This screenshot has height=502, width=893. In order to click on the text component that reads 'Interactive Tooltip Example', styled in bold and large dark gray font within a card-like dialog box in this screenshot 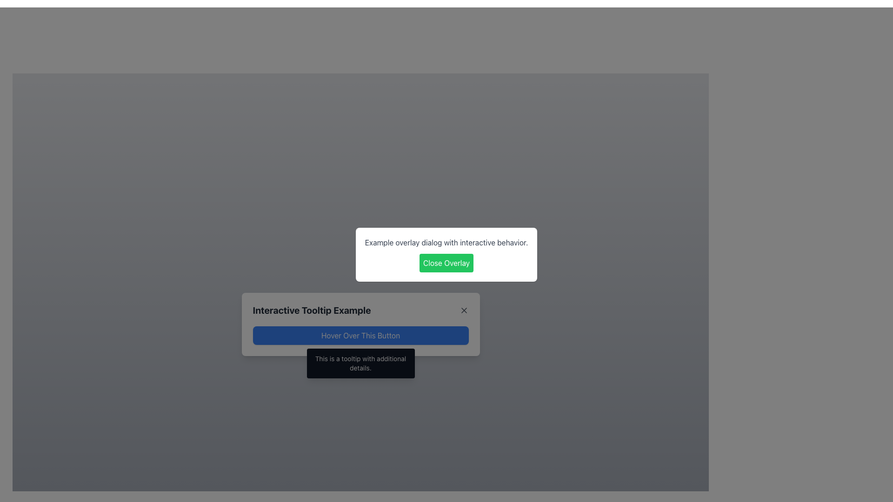, I will do `click(312, 310)`.